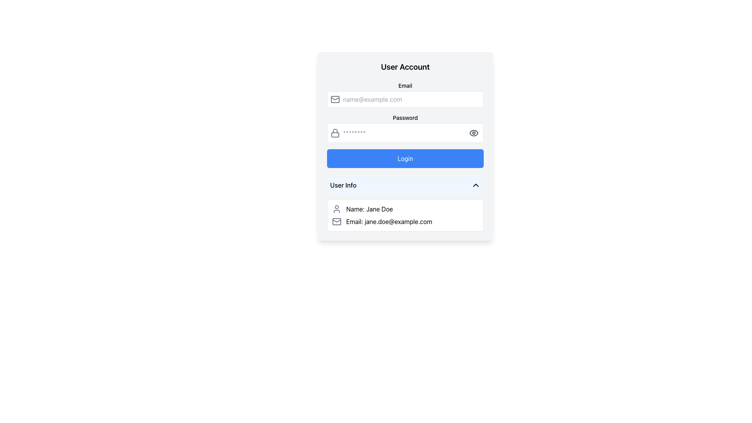 This screenshot has width=752, height=423. I want to click on the Information display card located in the 'User Info' section, so click(405, 215).